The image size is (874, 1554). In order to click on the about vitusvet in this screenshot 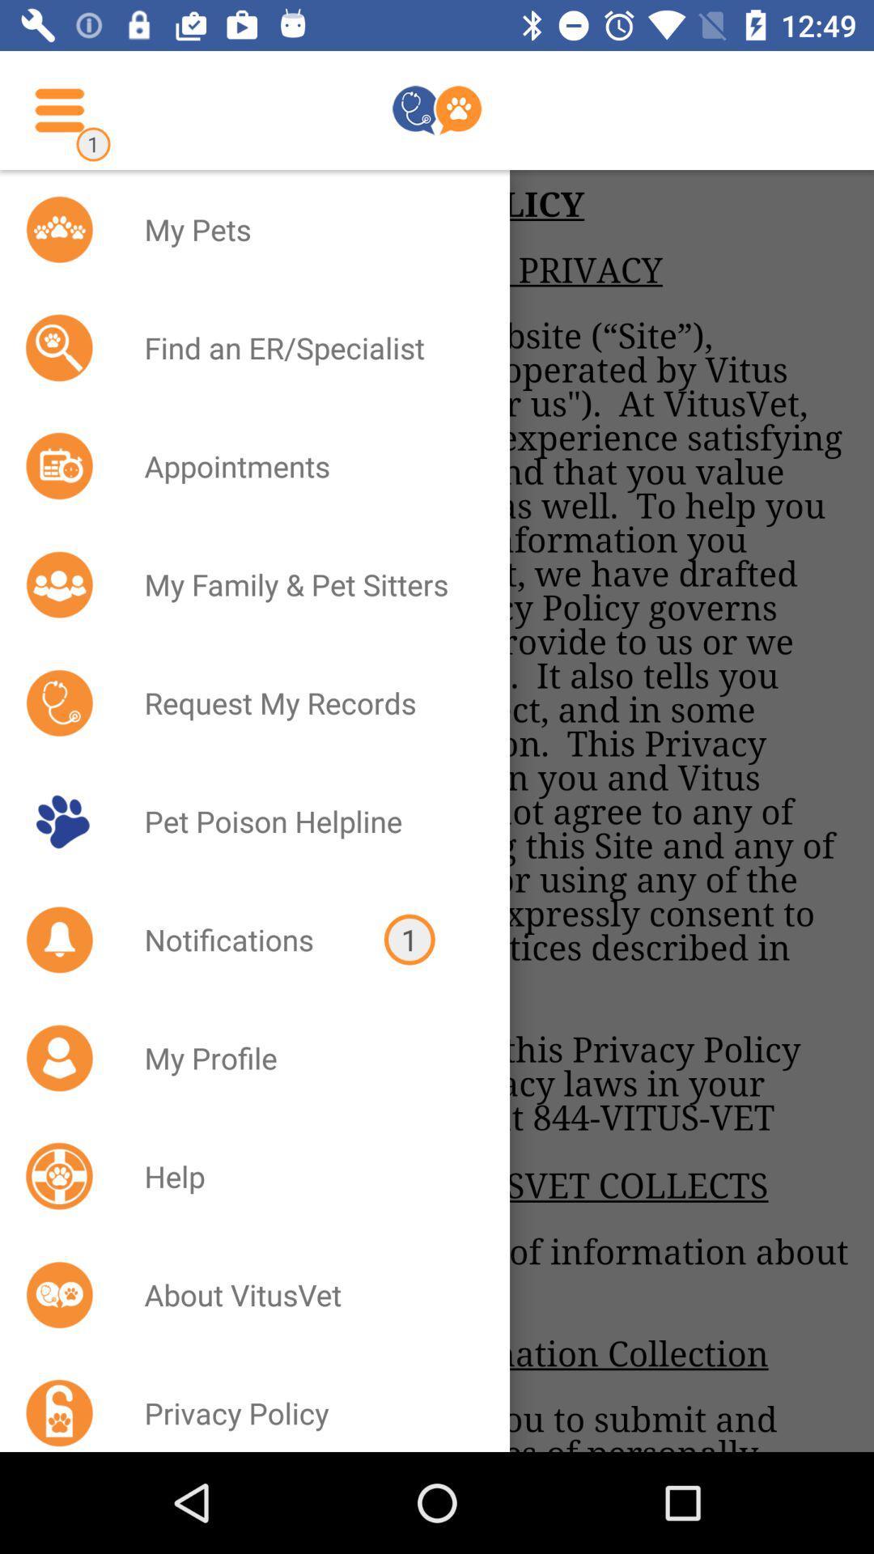, I will do `click(306, 1293)`.